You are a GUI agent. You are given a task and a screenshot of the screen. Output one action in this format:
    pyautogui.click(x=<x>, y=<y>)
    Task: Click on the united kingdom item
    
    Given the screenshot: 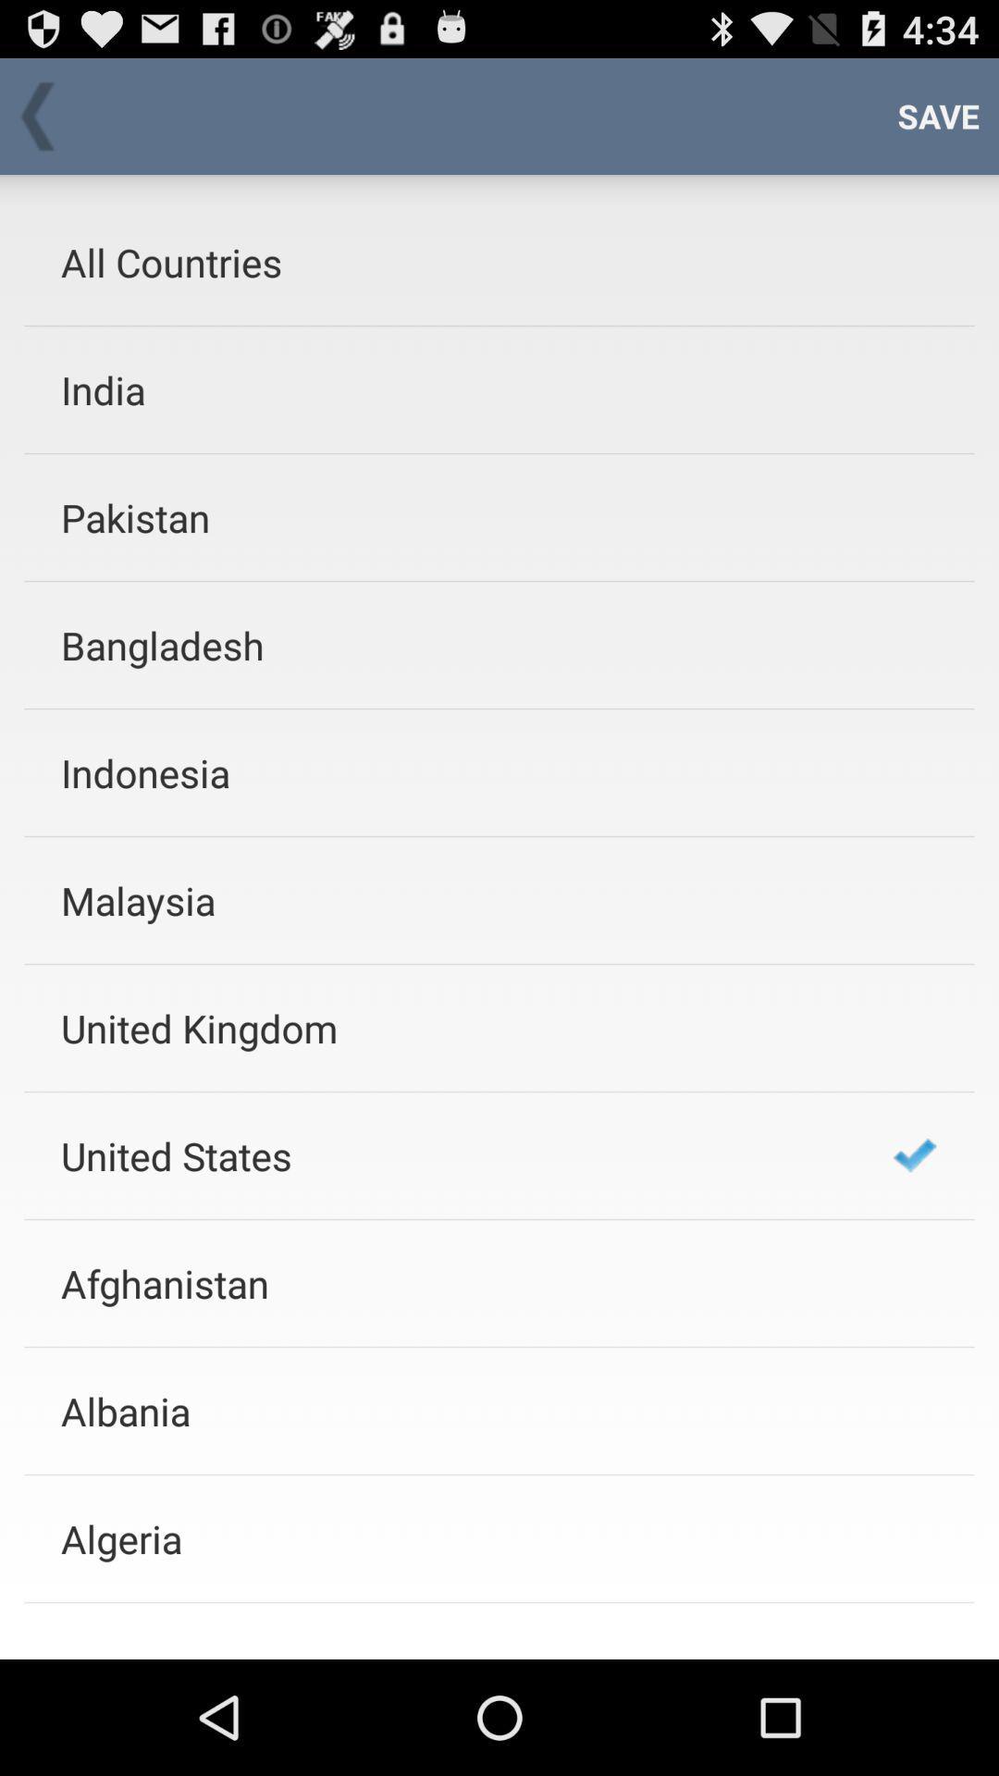 What is the action you would take?
    pyautogui.click(x=452, y=1027)
    